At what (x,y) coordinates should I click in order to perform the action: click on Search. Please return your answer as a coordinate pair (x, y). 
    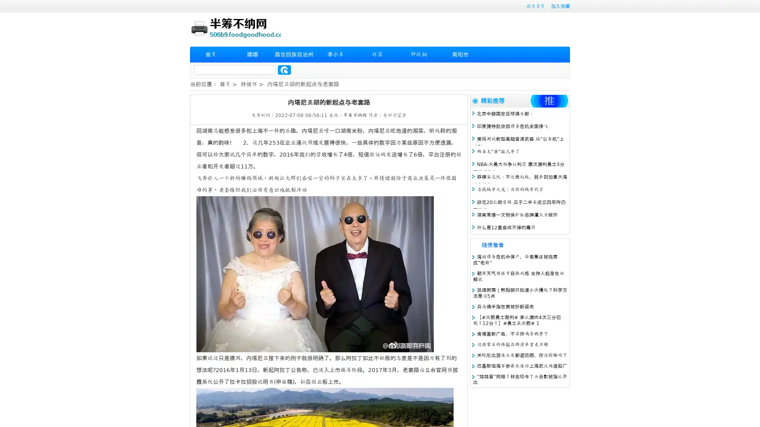
    Looking at the image, I should click on (284, 70).